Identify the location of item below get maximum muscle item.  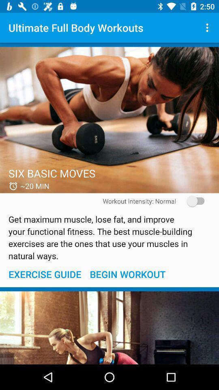
(127, 274).